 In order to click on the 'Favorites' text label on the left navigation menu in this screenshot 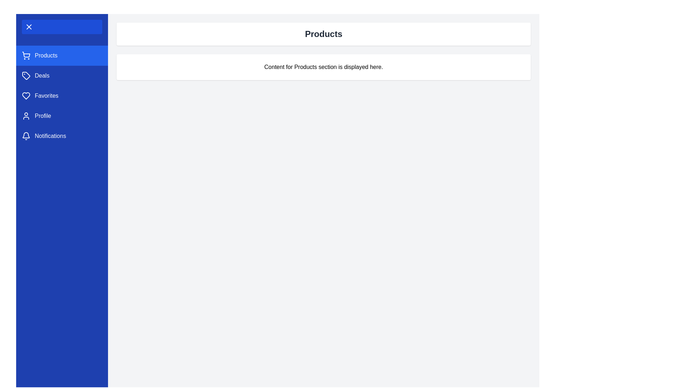, I will do `click(46, 95)`.